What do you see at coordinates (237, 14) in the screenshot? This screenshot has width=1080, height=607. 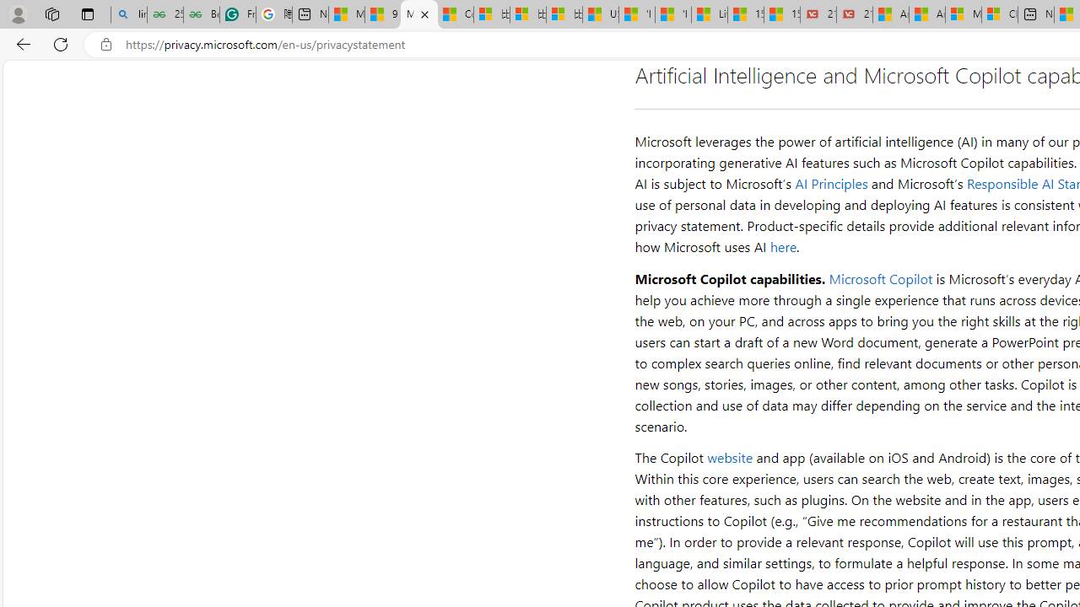 I see `'Free AI Writing Assistance for Students | Grammarly'` at bounding box center [237, 14].